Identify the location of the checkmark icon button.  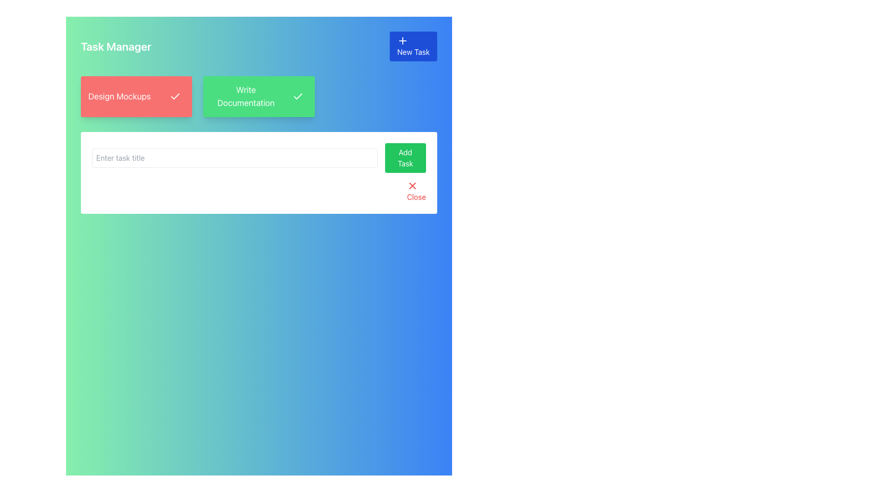
(175, 97).